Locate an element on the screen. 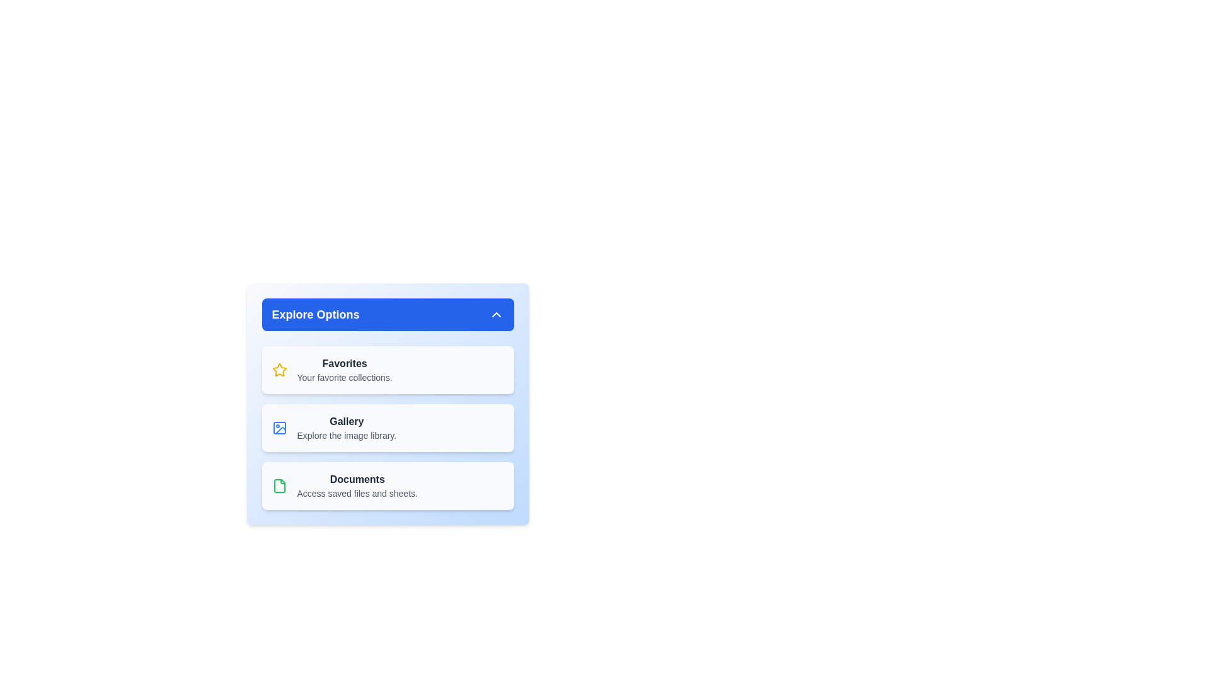 This screenshot has width=1210, height=680. the static text label displaying 'Documents', which is bold and dark gray, located at the top of the 'Documents' section in a menu card layout is located at coordinates (357, 480).